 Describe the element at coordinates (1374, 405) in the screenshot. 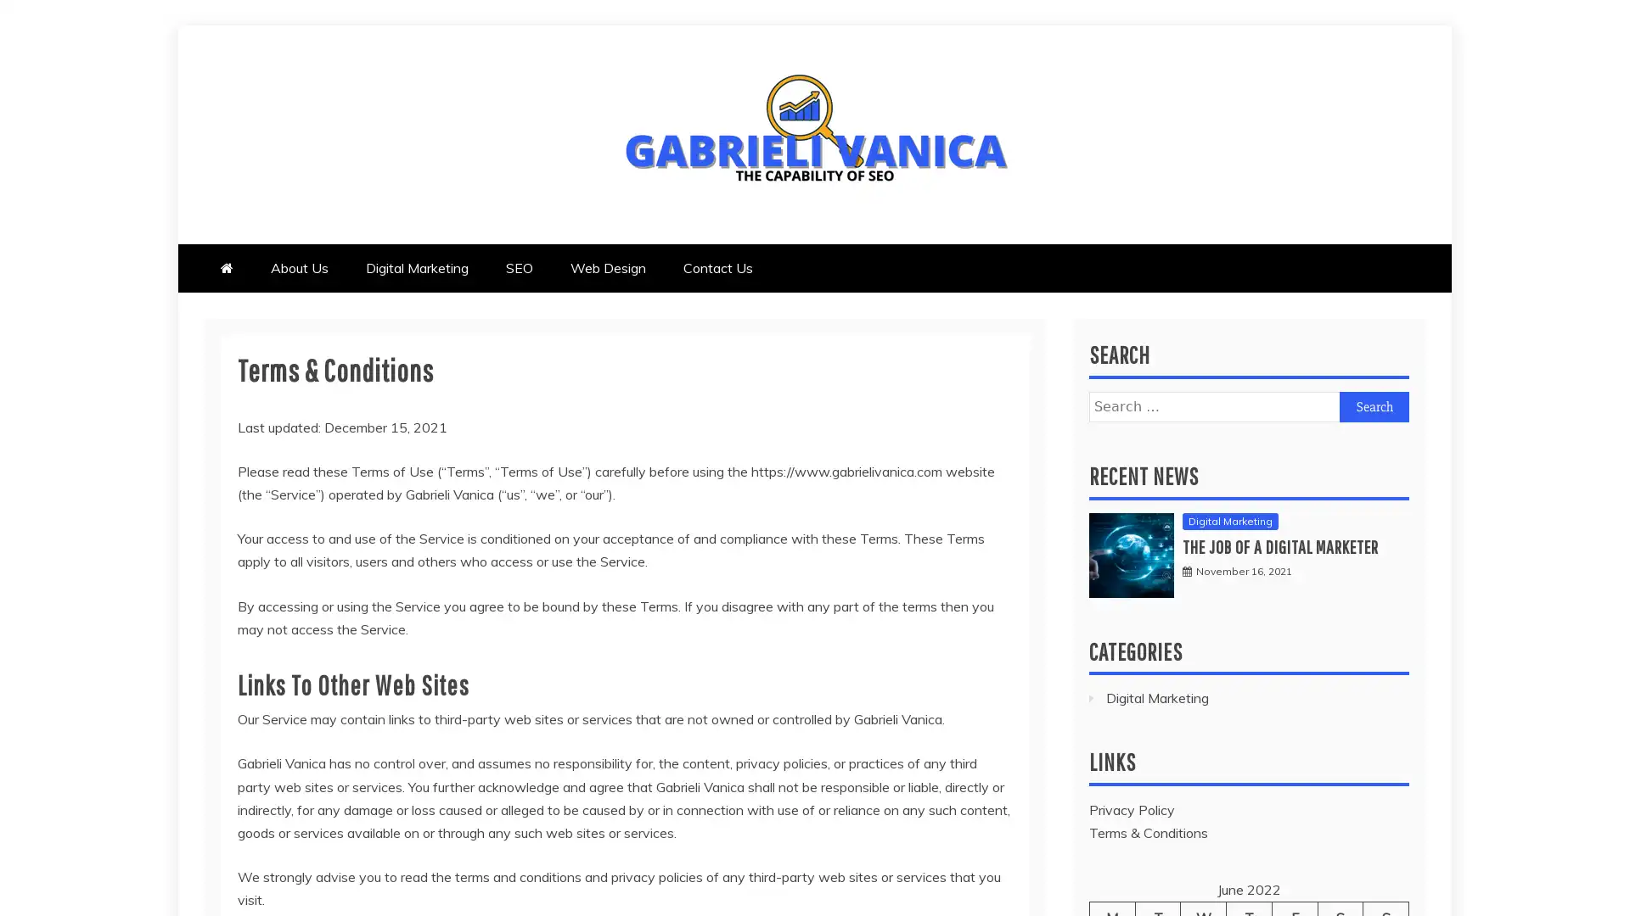

I see `Search` at that location.